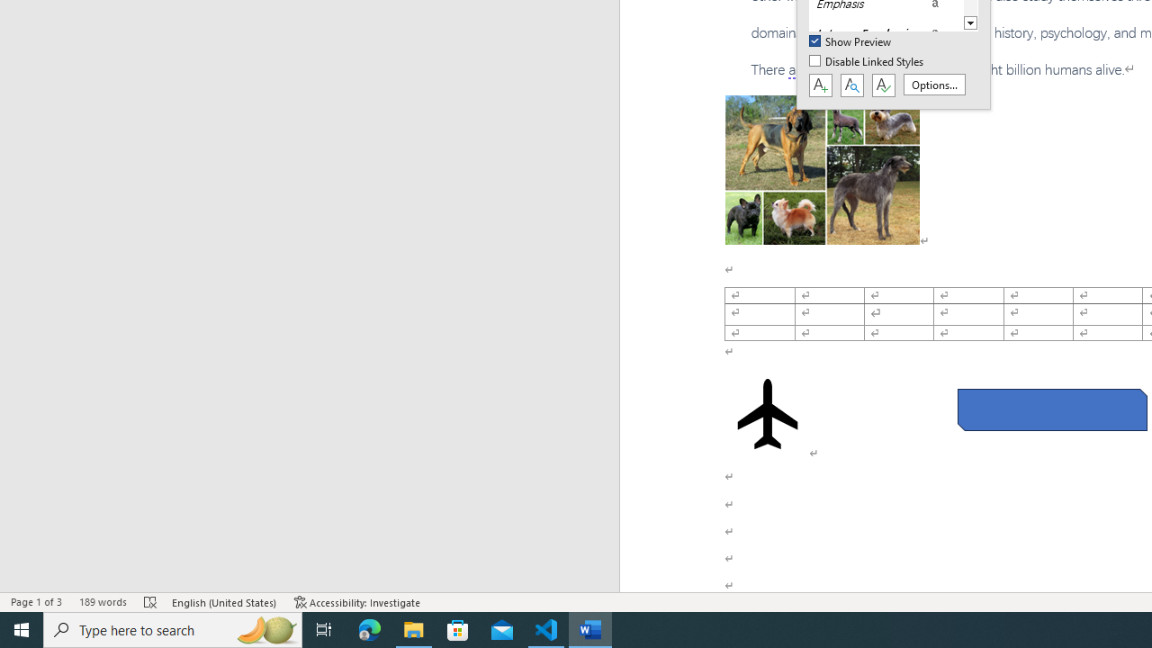 Image resolution: width=1152 pixels, height=648 pixels. What do you see at coordinates (151, 602) in the screenshot?
I see `'Spelling and Grammar Check Errors'` at bounding box center [151, 602].